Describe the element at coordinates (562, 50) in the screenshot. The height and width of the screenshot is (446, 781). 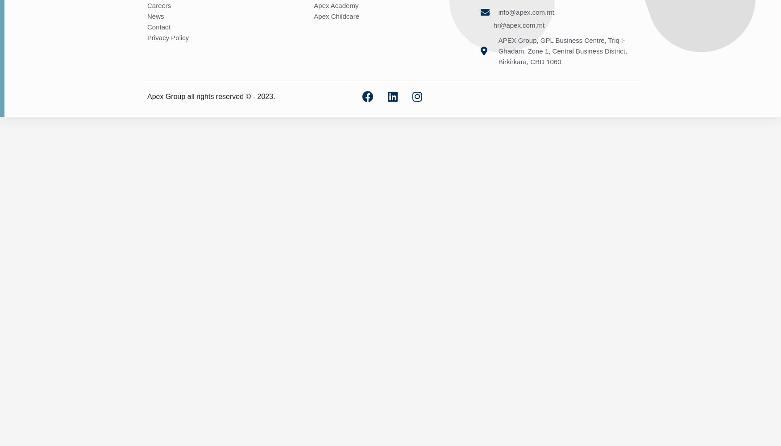
I see `'APEX Group, GPL Business Centre, Triq l-Ghadam, Zone 1, Central Business District, Birkirkara, CBD 1060'` at that location.